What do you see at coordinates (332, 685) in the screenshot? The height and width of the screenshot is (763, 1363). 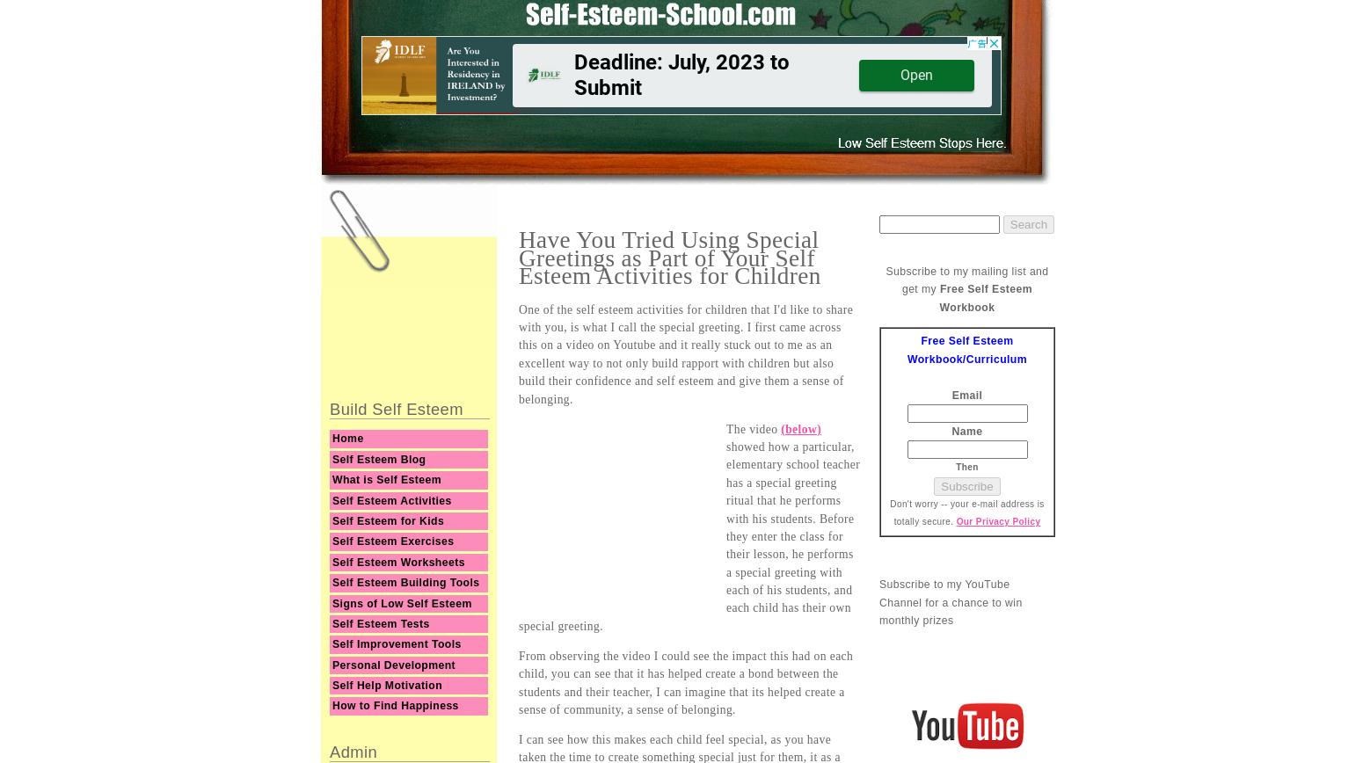 I see `'Self Help Motivation'` at bounding box center [332, 685].